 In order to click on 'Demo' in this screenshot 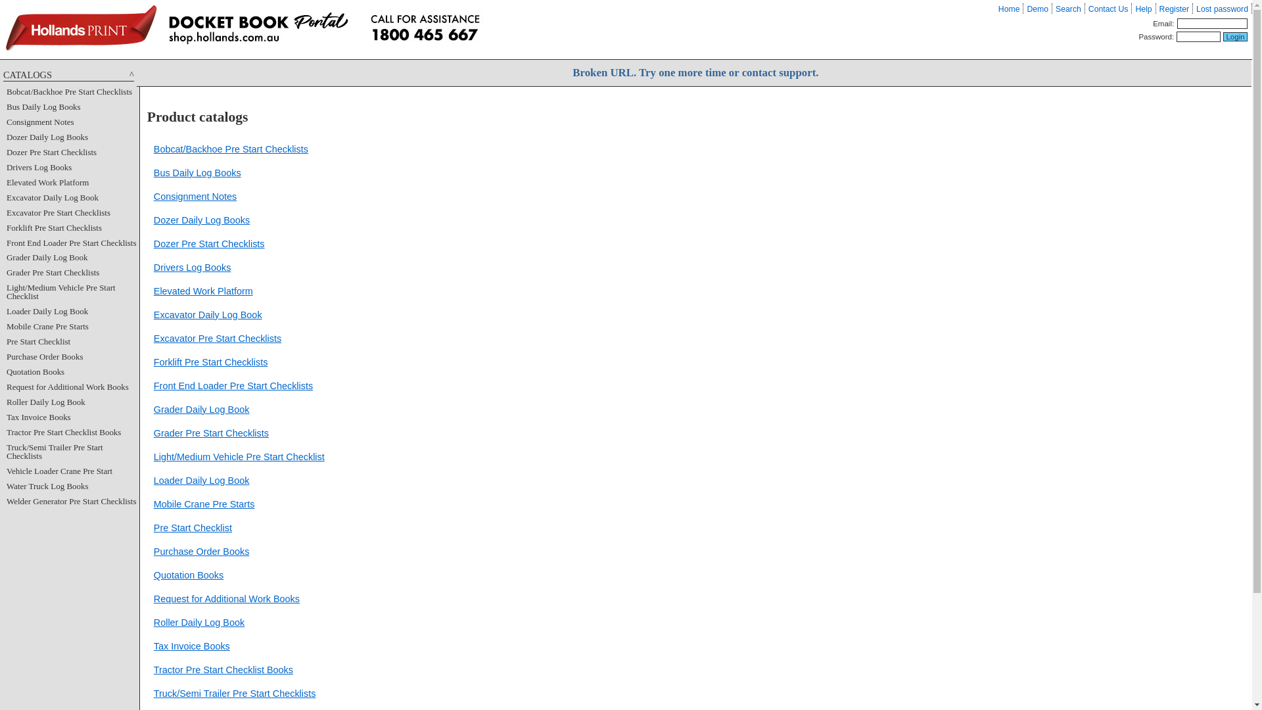, I will do `click(1037, 9)`.